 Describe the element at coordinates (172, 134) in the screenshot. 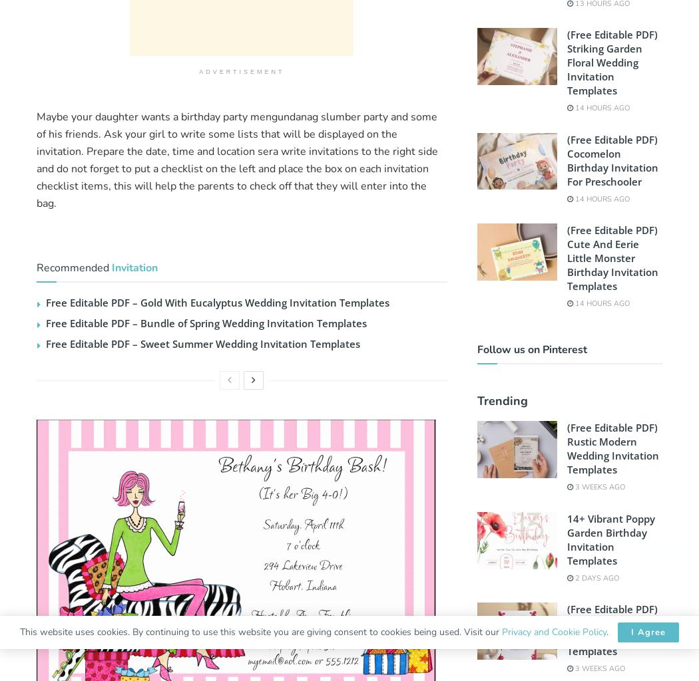

I see `'to'` at that location.